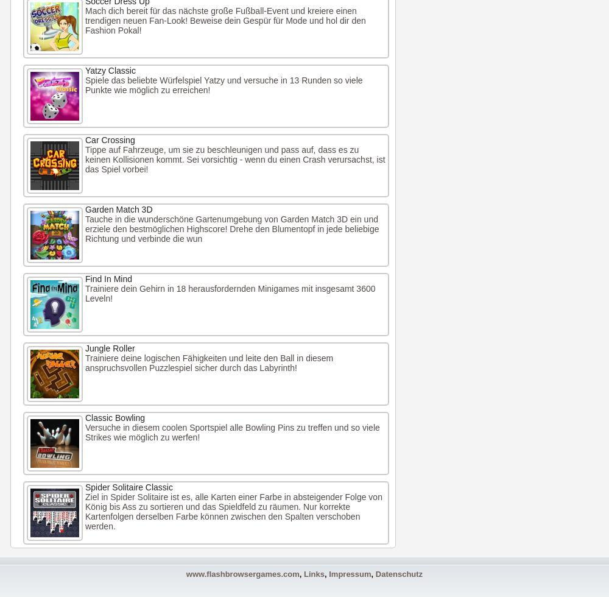 This screenshot has width=609, height=597. I want to click on 'www.flashbrowsergames.com', so click(242, 574).